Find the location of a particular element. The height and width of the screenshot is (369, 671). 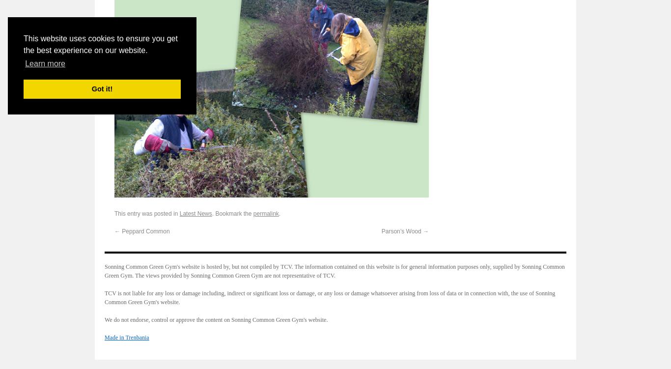

'Peppard Common' is located at coordinates (120, 230).